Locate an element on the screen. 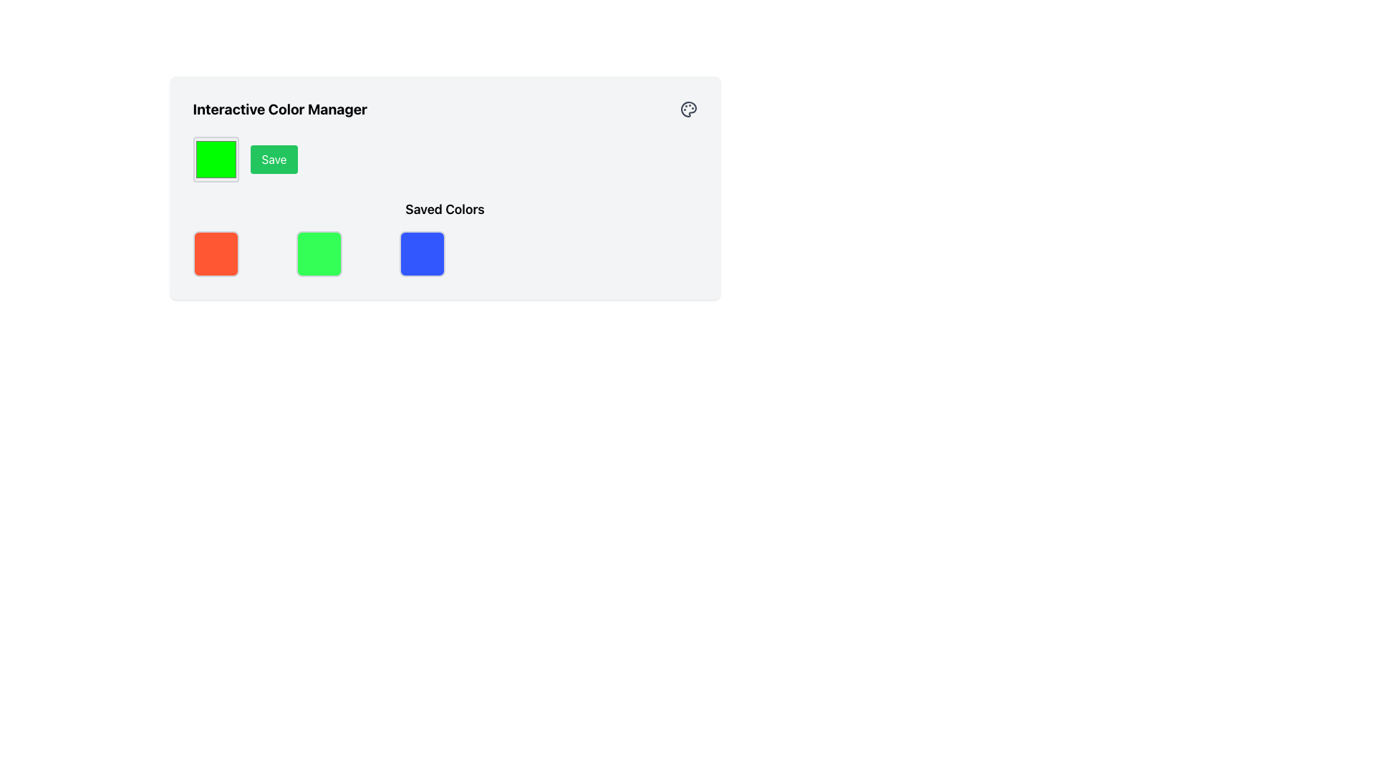  the palette icon located at the upper-right corner of the 'Interactive Color Manager' interface is located at coordinates (688, 109).